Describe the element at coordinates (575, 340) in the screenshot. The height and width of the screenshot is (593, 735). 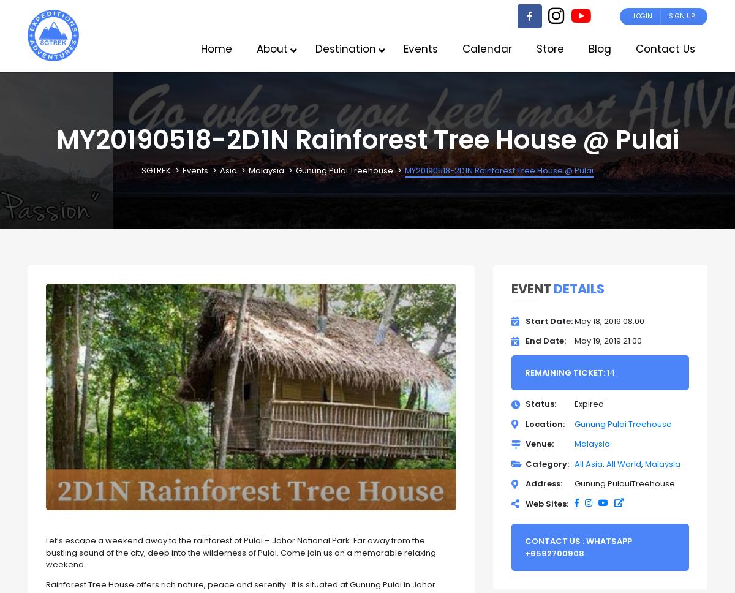
I see `'May 19, 2019 21:00'` at that location.